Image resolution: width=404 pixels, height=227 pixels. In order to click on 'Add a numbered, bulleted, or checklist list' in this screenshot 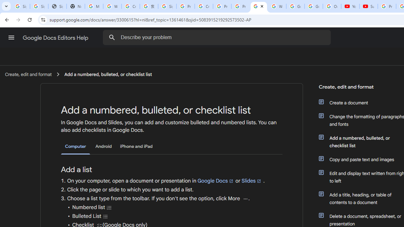, I will do `click(108, 74)`.